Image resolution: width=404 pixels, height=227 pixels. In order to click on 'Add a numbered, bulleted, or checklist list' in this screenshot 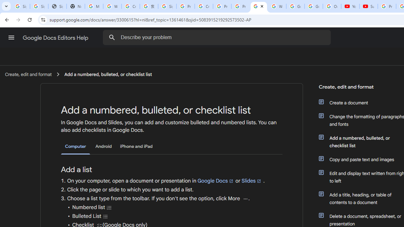, I will do `click(108, 74)`.